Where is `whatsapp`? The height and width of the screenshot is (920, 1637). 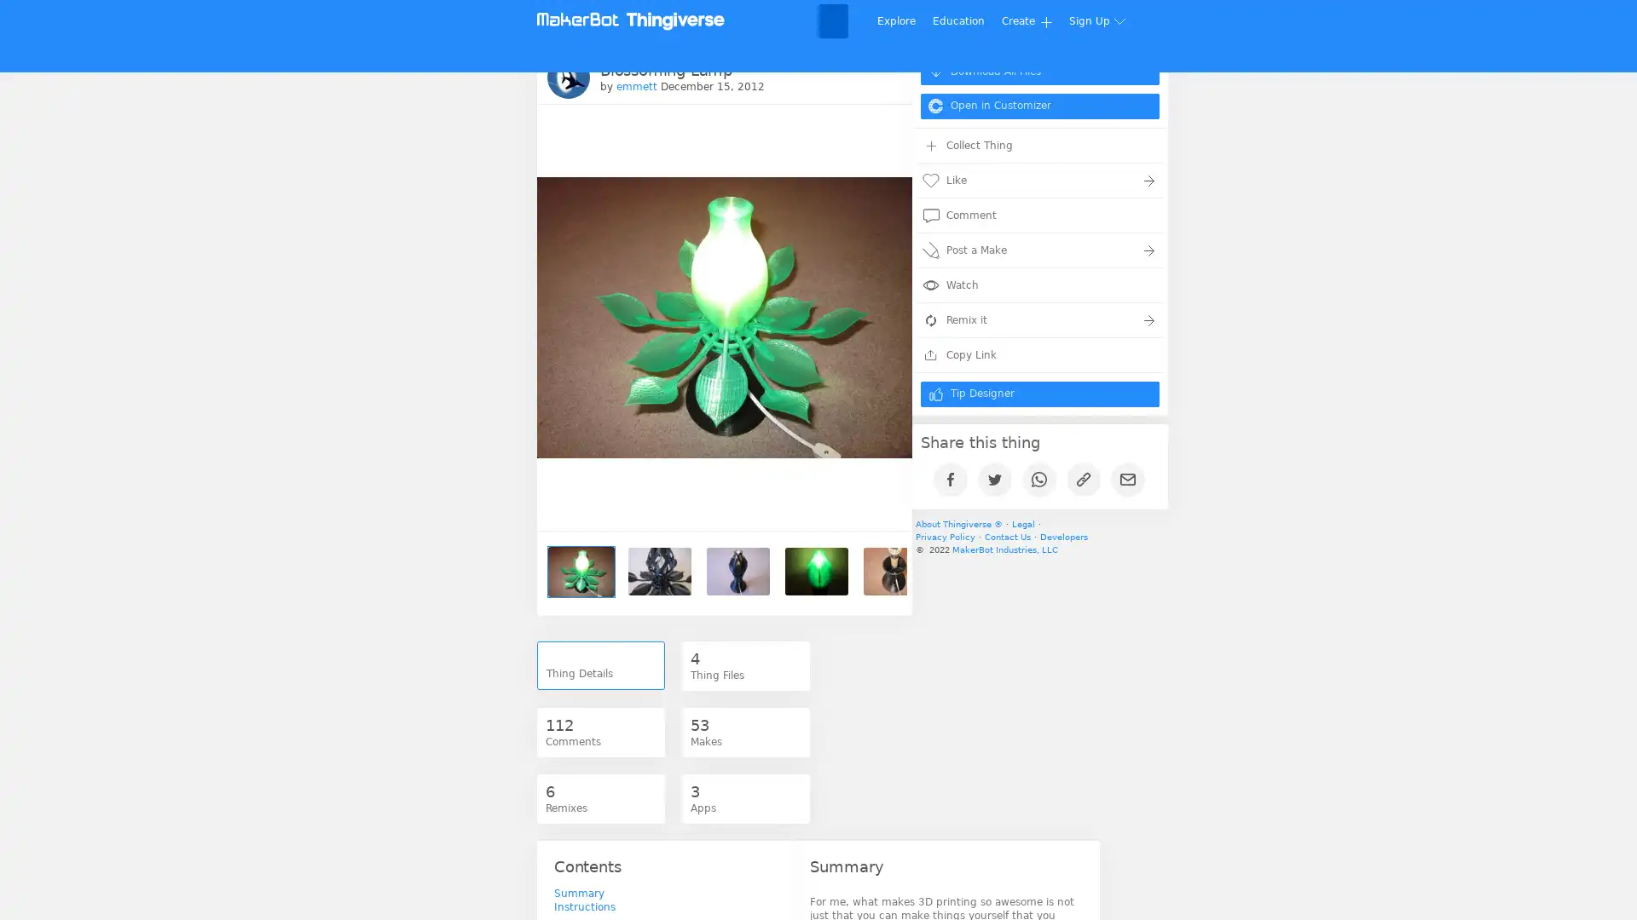
whatsapp is located at coordinates (1043, 477).